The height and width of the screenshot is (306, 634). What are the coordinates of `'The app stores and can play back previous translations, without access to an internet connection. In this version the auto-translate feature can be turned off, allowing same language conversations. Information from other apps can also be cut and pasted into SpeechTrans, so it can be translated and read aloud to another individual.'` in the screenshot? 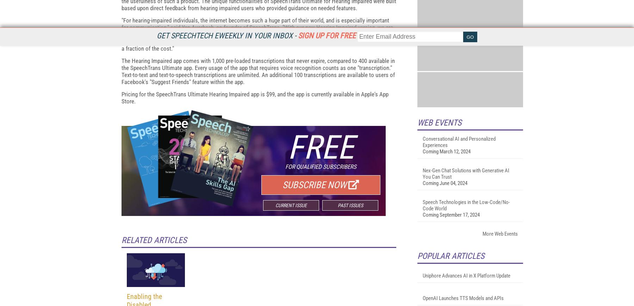 It's located at (257, 32).